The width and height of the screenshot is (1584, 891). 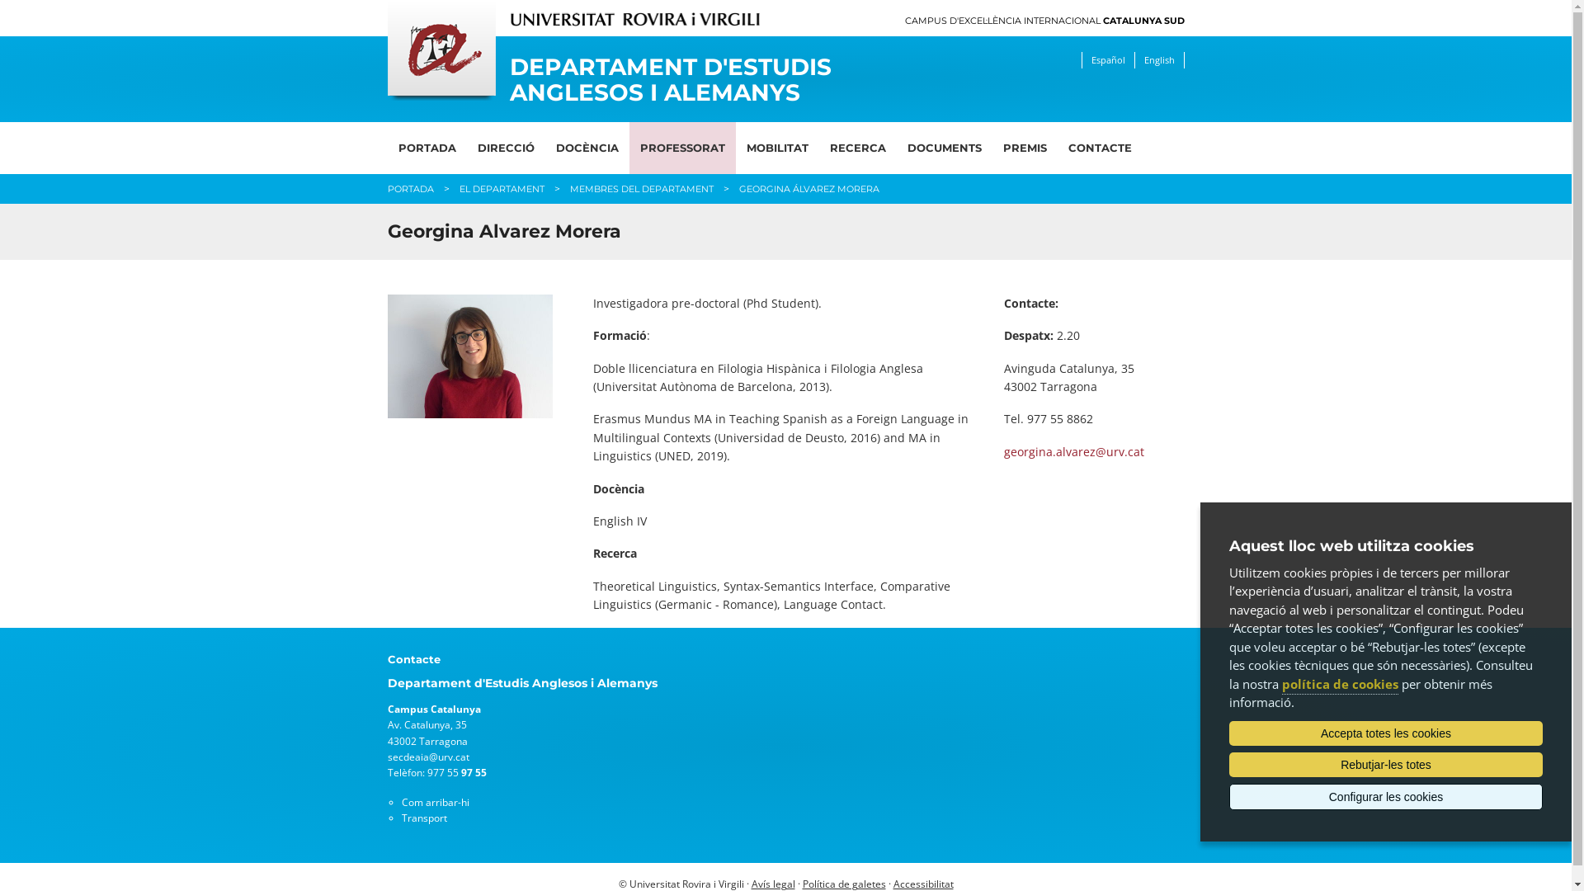 What do you see at coordinates (1228, 764) in the screenshot?
I see `'Rebutjar-les totes'` at bounding box center [1228, 764].